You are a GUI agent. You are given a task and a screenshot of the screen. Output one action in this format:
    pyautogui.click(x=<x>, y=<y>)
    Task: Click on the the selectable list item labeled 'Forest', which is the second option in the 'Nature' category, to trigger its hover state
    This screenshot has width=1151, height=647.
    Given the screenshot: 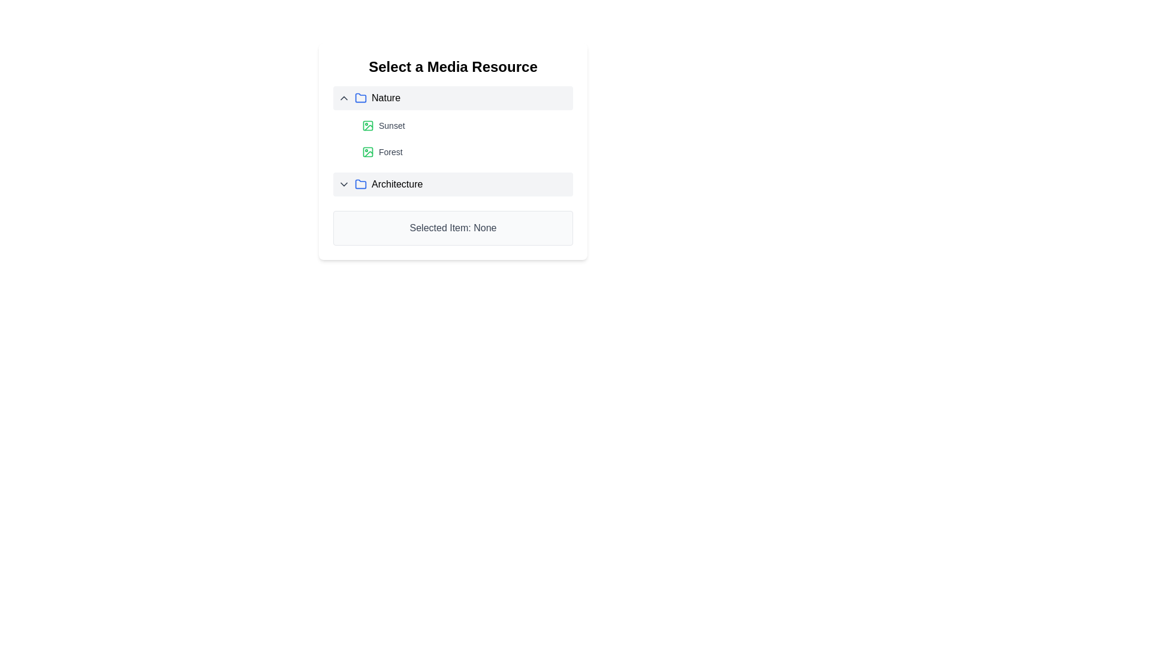 What is the action you would take?
    pyautogui.click(x=465, y=152)
    